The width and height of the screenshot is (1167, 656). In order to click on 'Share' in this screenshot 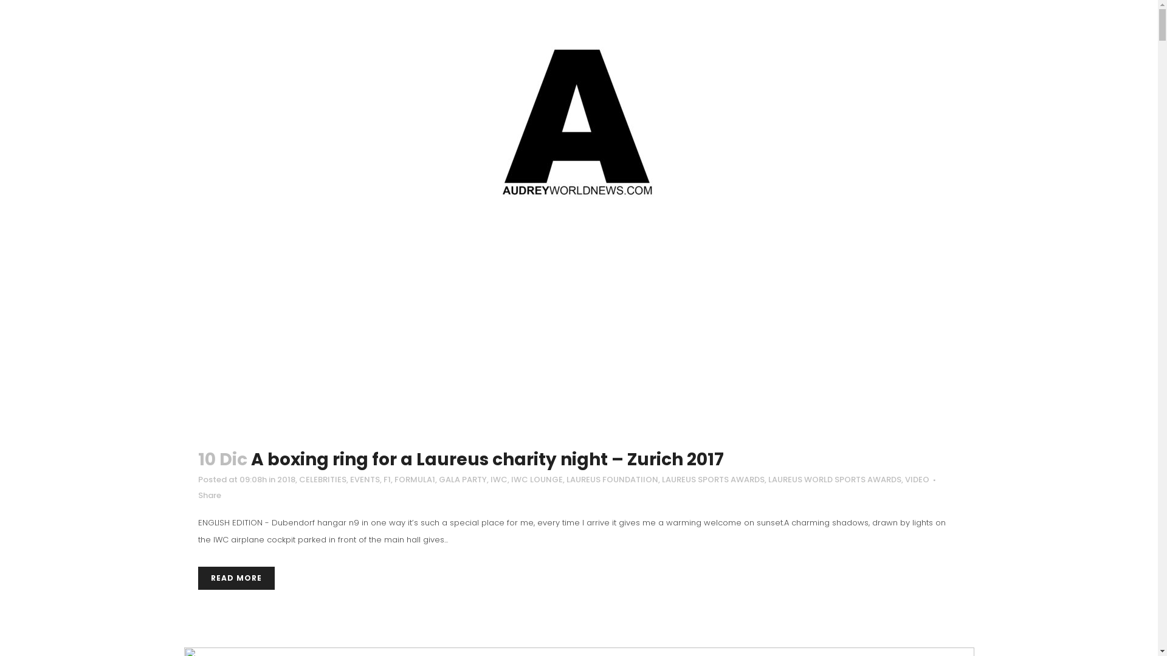, I will do `click(210, 495)`.